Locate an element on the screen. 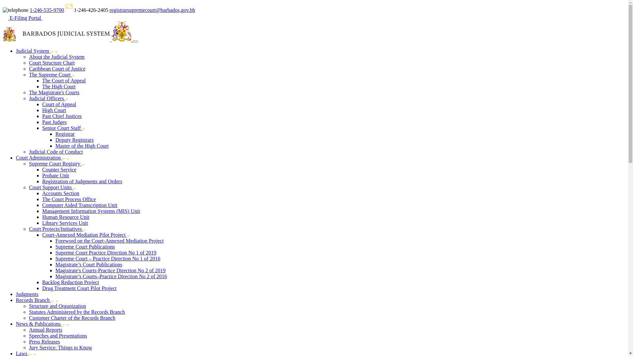  'Past Chief Justices' is located at coordinates (62, 116).